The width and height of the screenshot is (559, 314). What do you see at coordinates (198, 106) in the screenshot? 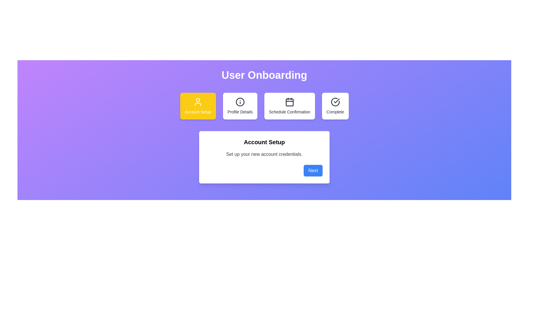
I see `the step icon for Account Setup to navigate to that step` at bounding box center [198, 106].